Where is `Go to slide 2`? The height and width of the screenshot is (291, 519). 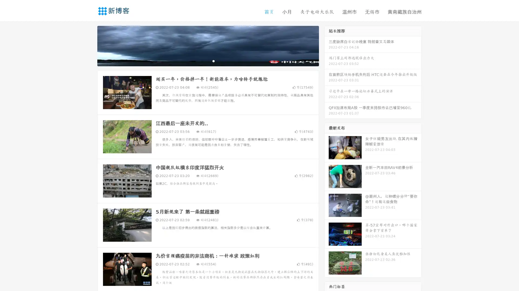 Go to slide 2 is located at coordinates (208, 61).